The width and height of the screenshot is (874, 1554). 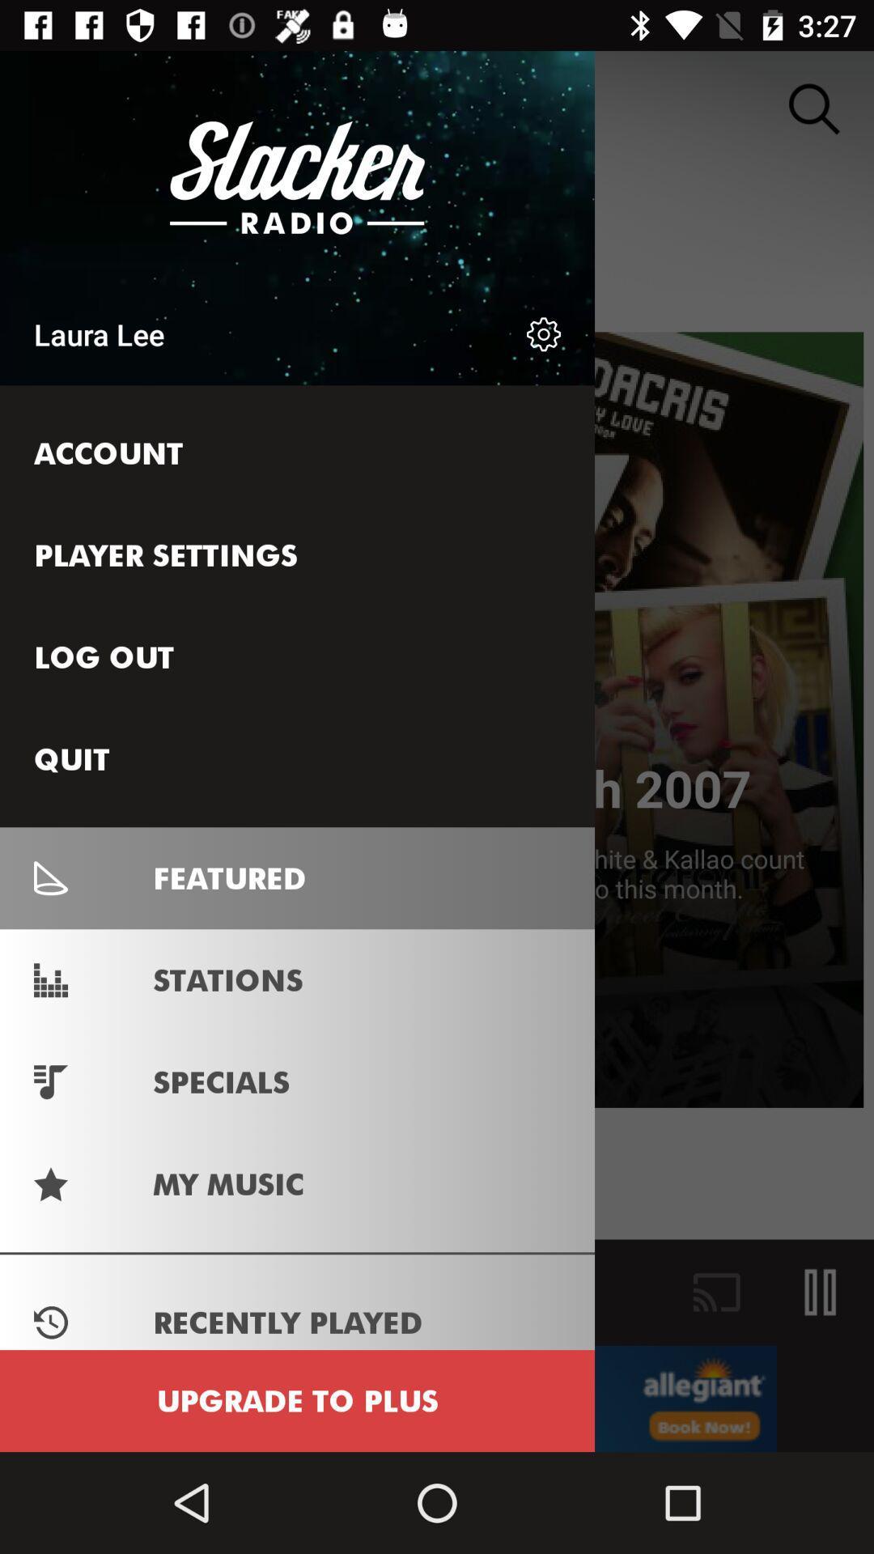 I want to click on the pause icon, so click(x=821, y=1292).